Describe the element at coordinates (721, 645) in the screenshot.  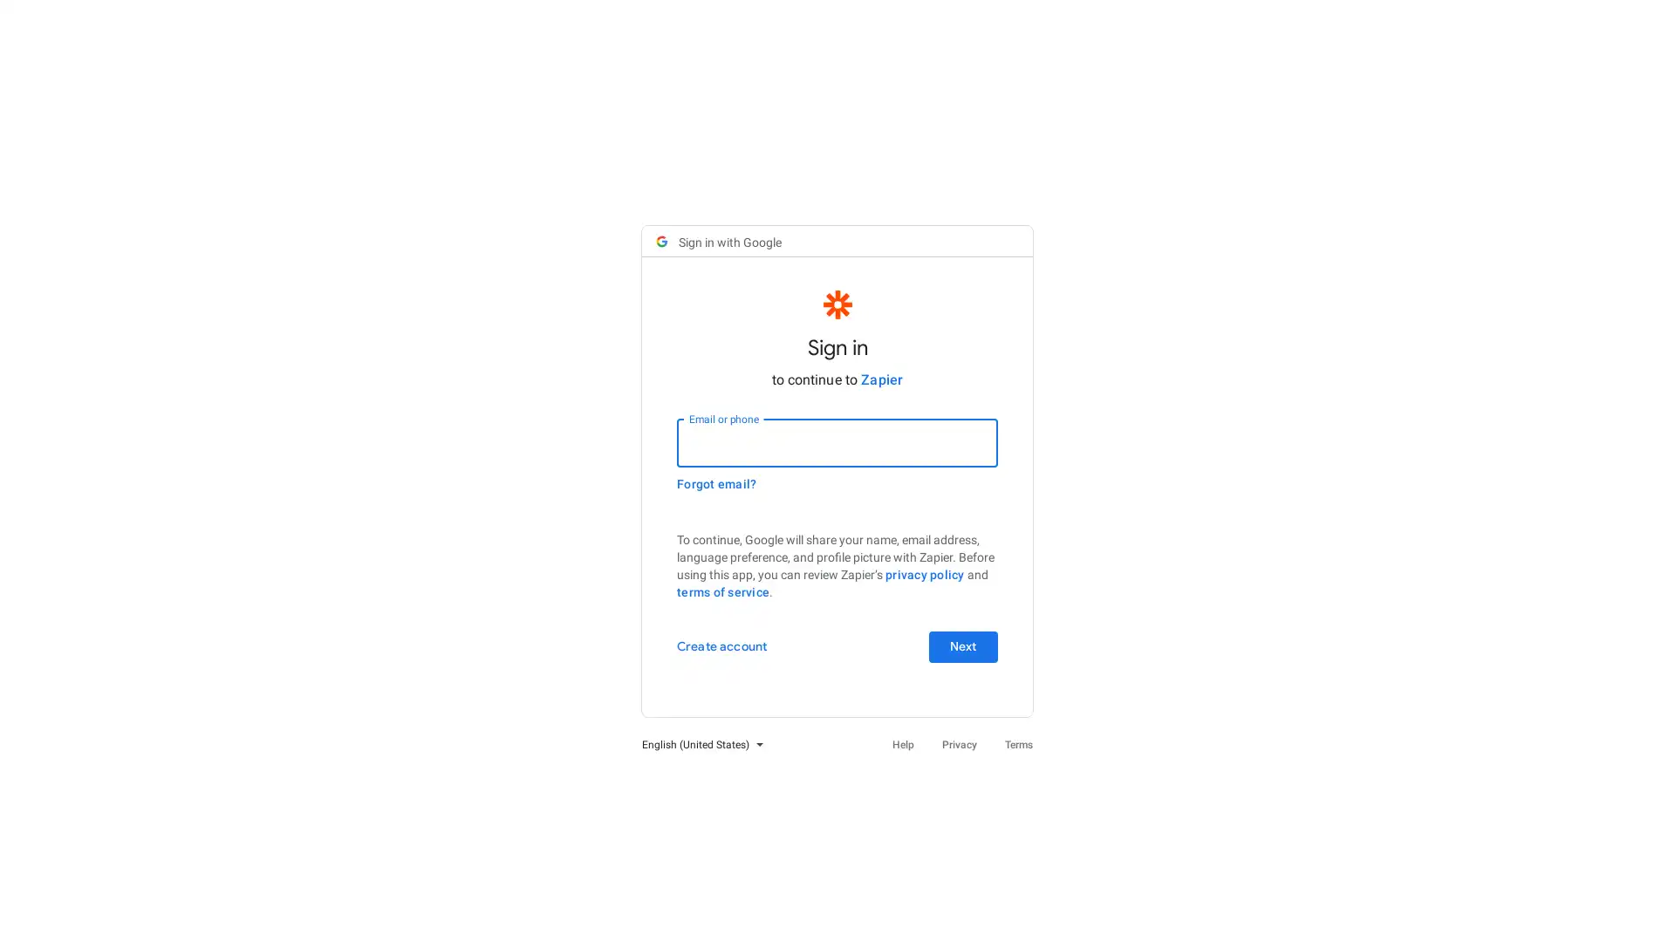
I see `Create account` at that location.